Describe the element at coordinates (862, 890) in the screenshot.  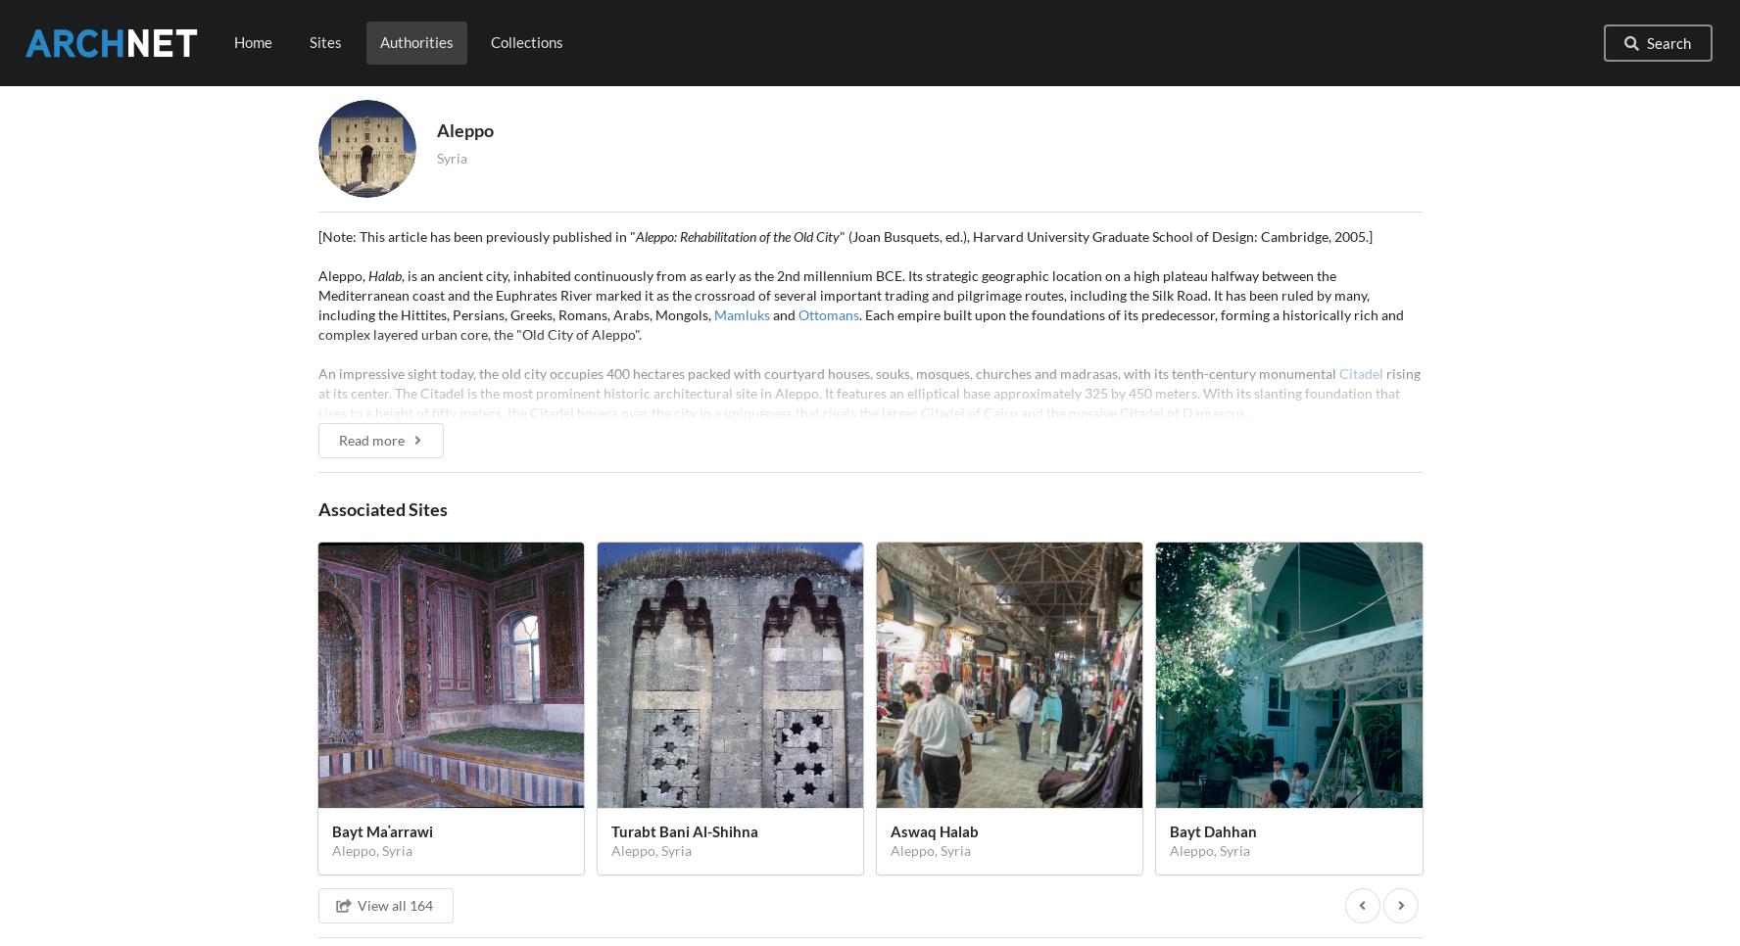
I see `', al-Zaheriya Madrasa,'` at that location.